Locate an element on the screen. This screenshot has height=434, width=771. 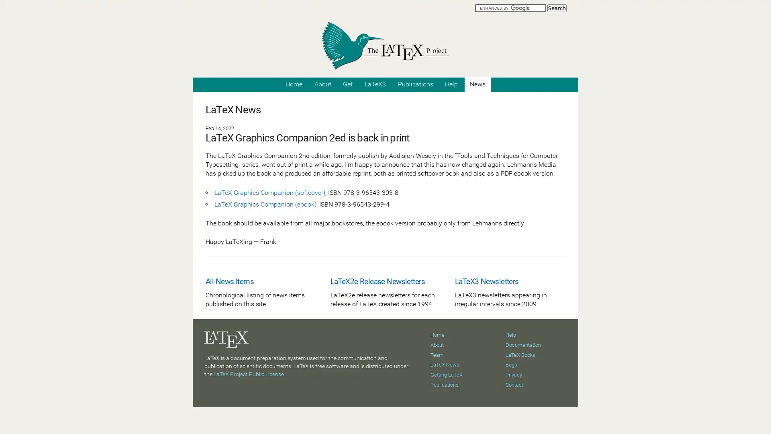
Search is located at coordinates (557, 8).